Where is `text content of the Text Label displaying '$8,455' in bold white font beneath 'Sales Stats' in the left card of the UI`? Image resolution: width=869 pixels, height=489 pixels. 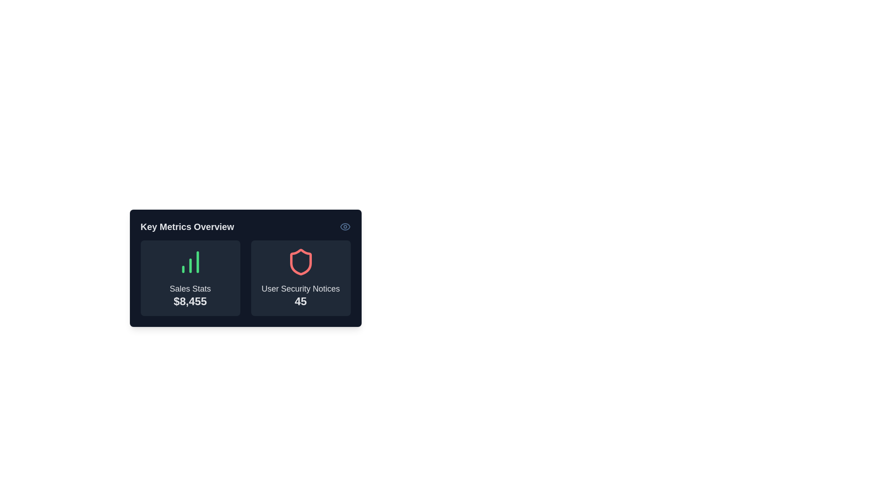
text content of the Text Label displaying '$8,455' in bold white font beneath 'Sales Stats' in the left card of the UI is located at coordinates (190, 301).